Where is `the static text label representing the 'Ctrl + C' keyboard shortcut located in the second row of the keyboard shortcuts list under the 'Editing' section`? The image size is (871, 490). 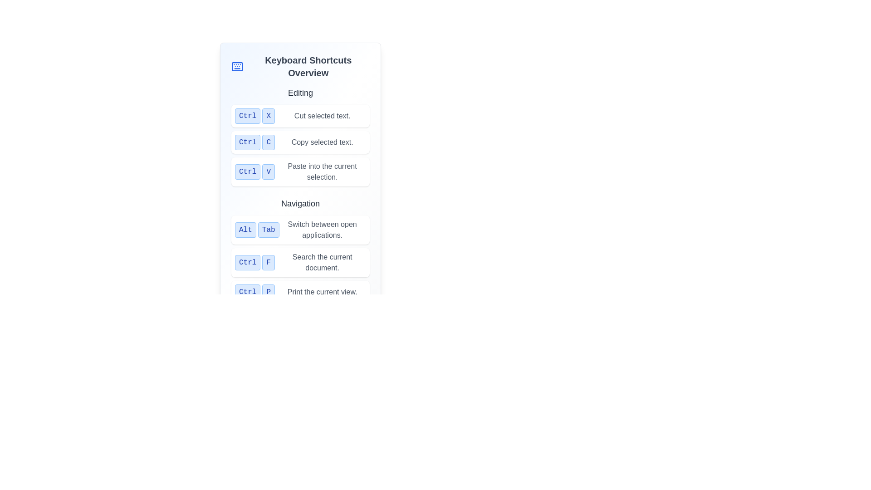 the static text label representing the 'Ctrl + C' keyboard shortcut located in the second row of the keyboard shortcuts list under the 'Editing' section is located at coordinates (256, 142).